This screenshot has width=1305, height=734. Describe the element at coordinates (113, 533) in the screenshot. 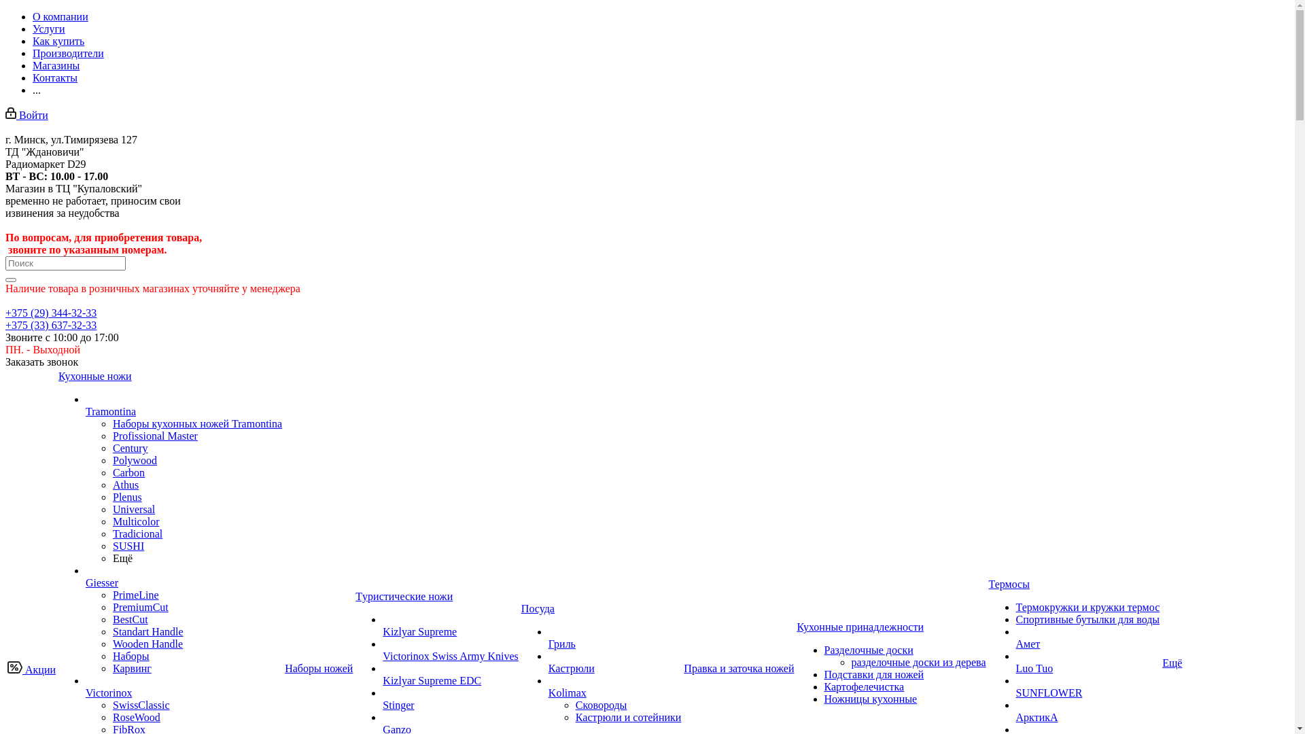

I see `'Tradicional'` at that location.